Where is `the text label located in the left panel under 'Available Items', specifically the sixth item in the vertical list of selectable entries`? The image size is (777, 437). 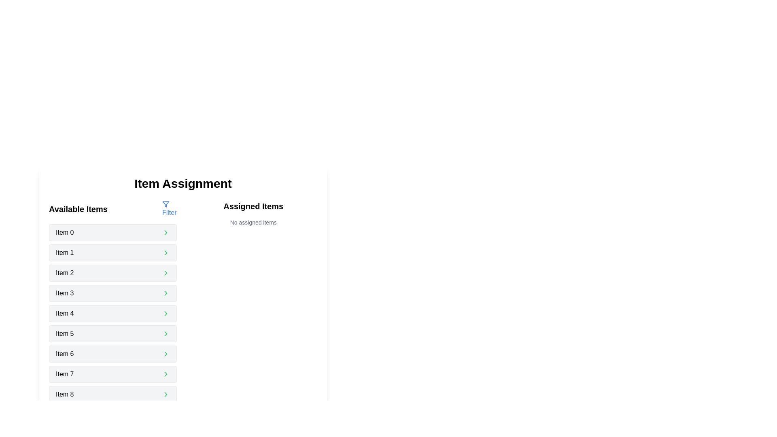 the text label located in the left panel under 'Available Items', specifically the sixth item in the vertical list of selectable entries is located at coordinates (65, 334).